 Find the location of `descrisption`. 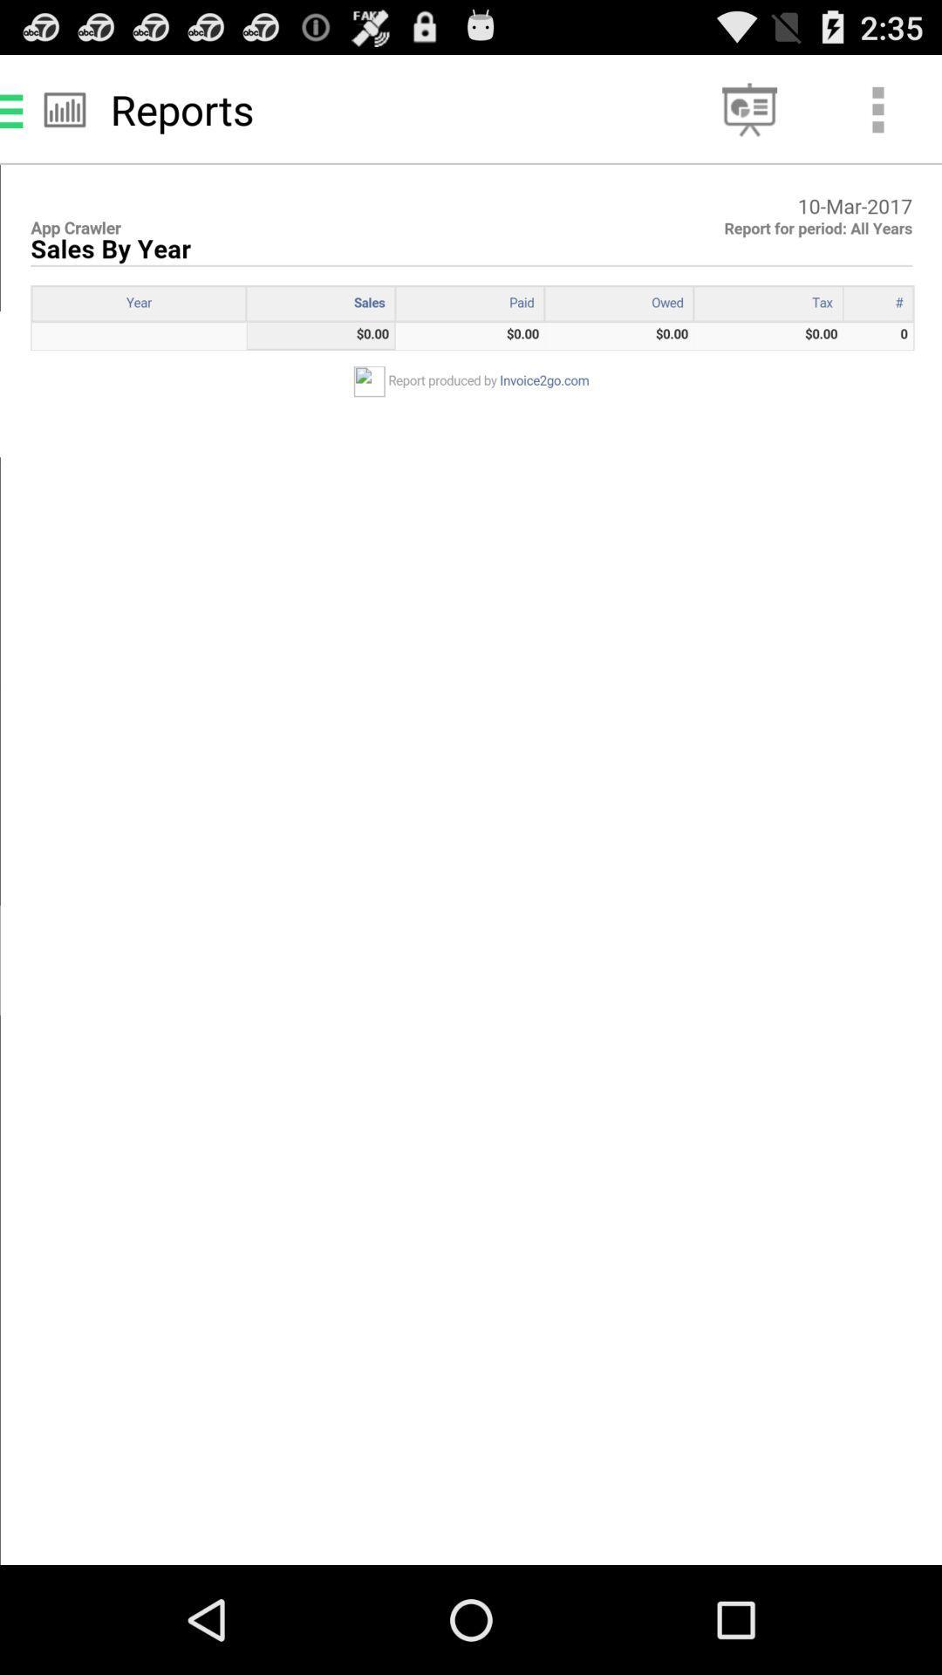

descrisption is located at coordinates (471, 865).